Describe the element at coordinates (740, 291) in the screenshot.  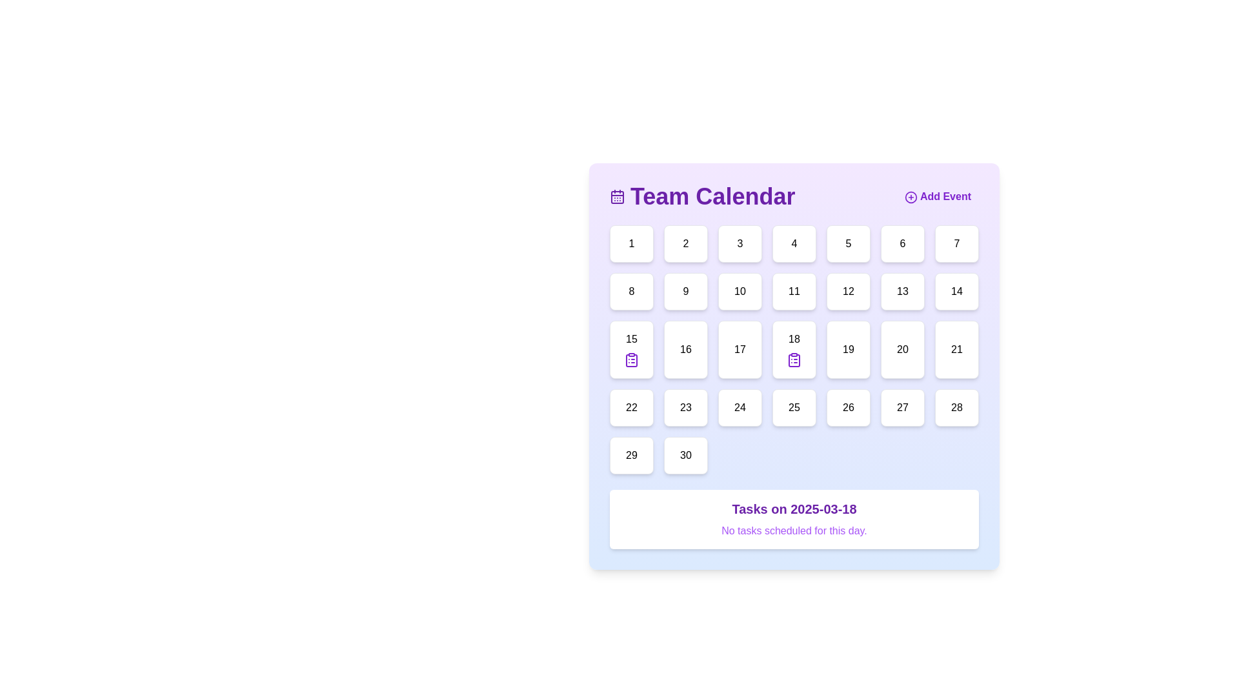
I see `the button displaying the number '10' in black text, which is a white rounded rectangle located in the 3rd position of the second row in the grid layout` at that location.